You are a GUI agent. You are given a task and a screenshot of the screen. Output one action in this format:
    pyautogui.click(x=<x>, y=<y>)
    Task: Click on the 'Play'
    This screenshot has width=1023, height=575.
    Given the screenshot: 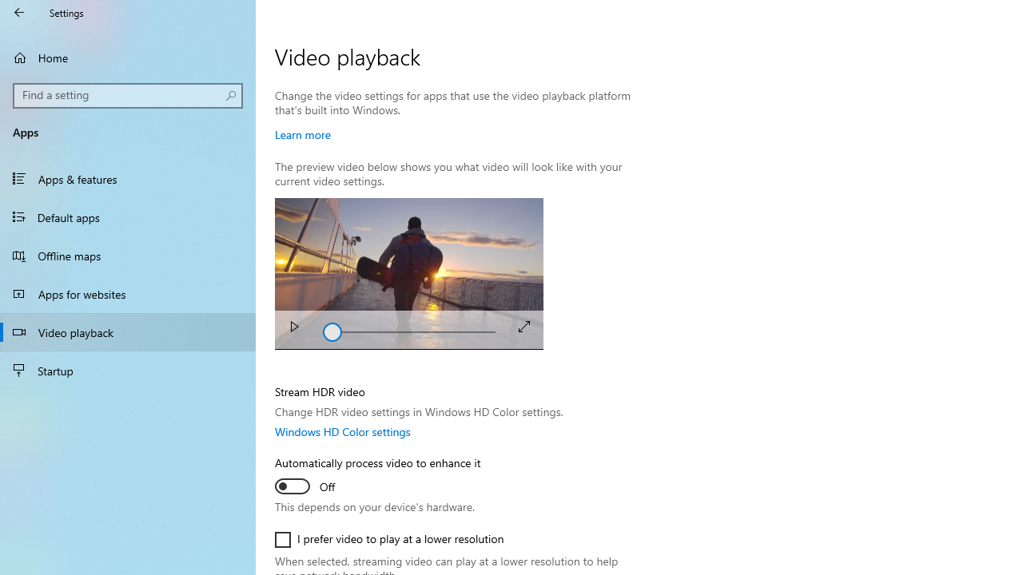 What is the action you would take?
    pyautogui.click(x=294, y=328)
    